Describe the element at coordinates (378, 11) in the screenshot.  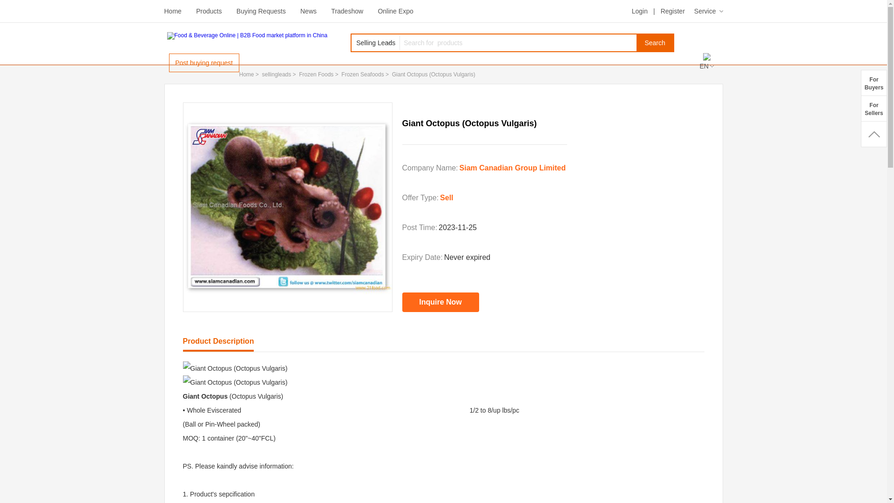
I see `'Online Expo'` at that location.